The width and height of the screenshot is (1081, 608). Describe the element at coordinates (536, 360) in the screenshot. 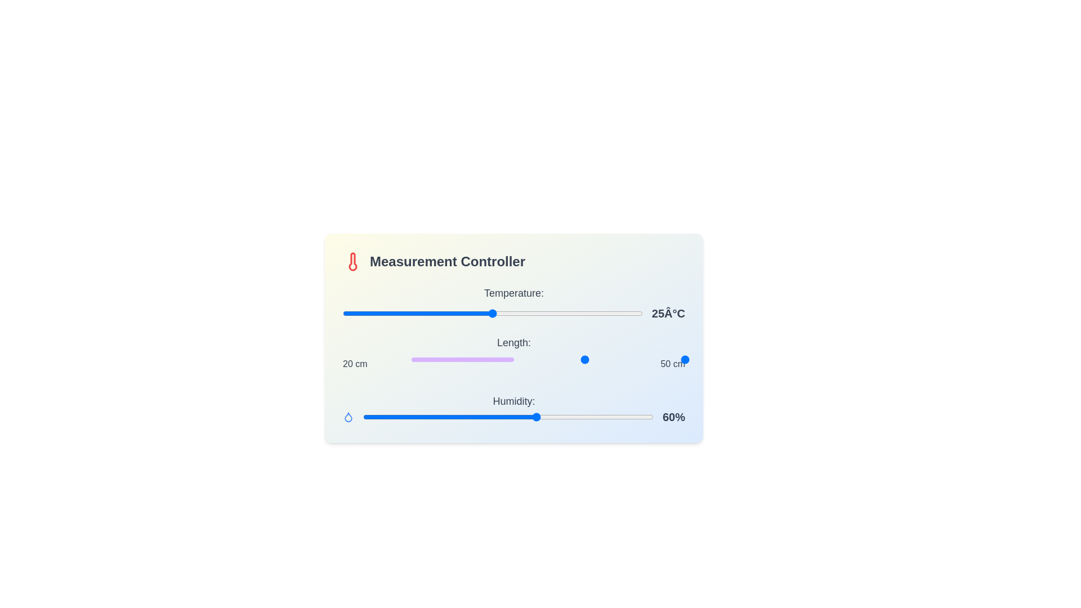

I see `the length` at that location.